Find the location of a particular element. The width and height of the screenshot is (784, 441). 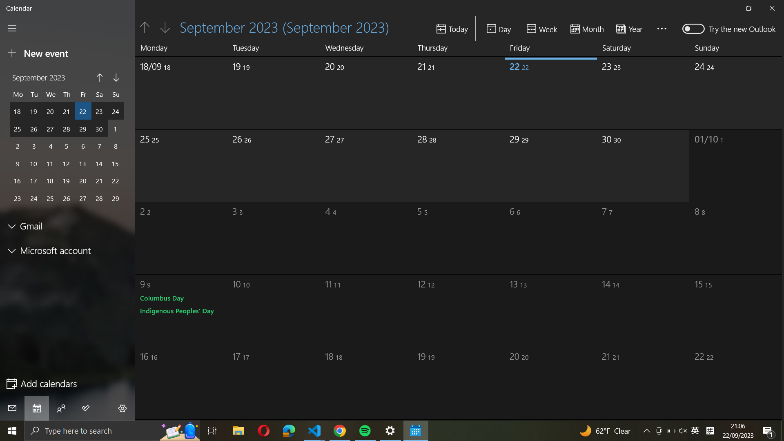

Through the calendar, establish communication with others is located at coordinates (61, 408).